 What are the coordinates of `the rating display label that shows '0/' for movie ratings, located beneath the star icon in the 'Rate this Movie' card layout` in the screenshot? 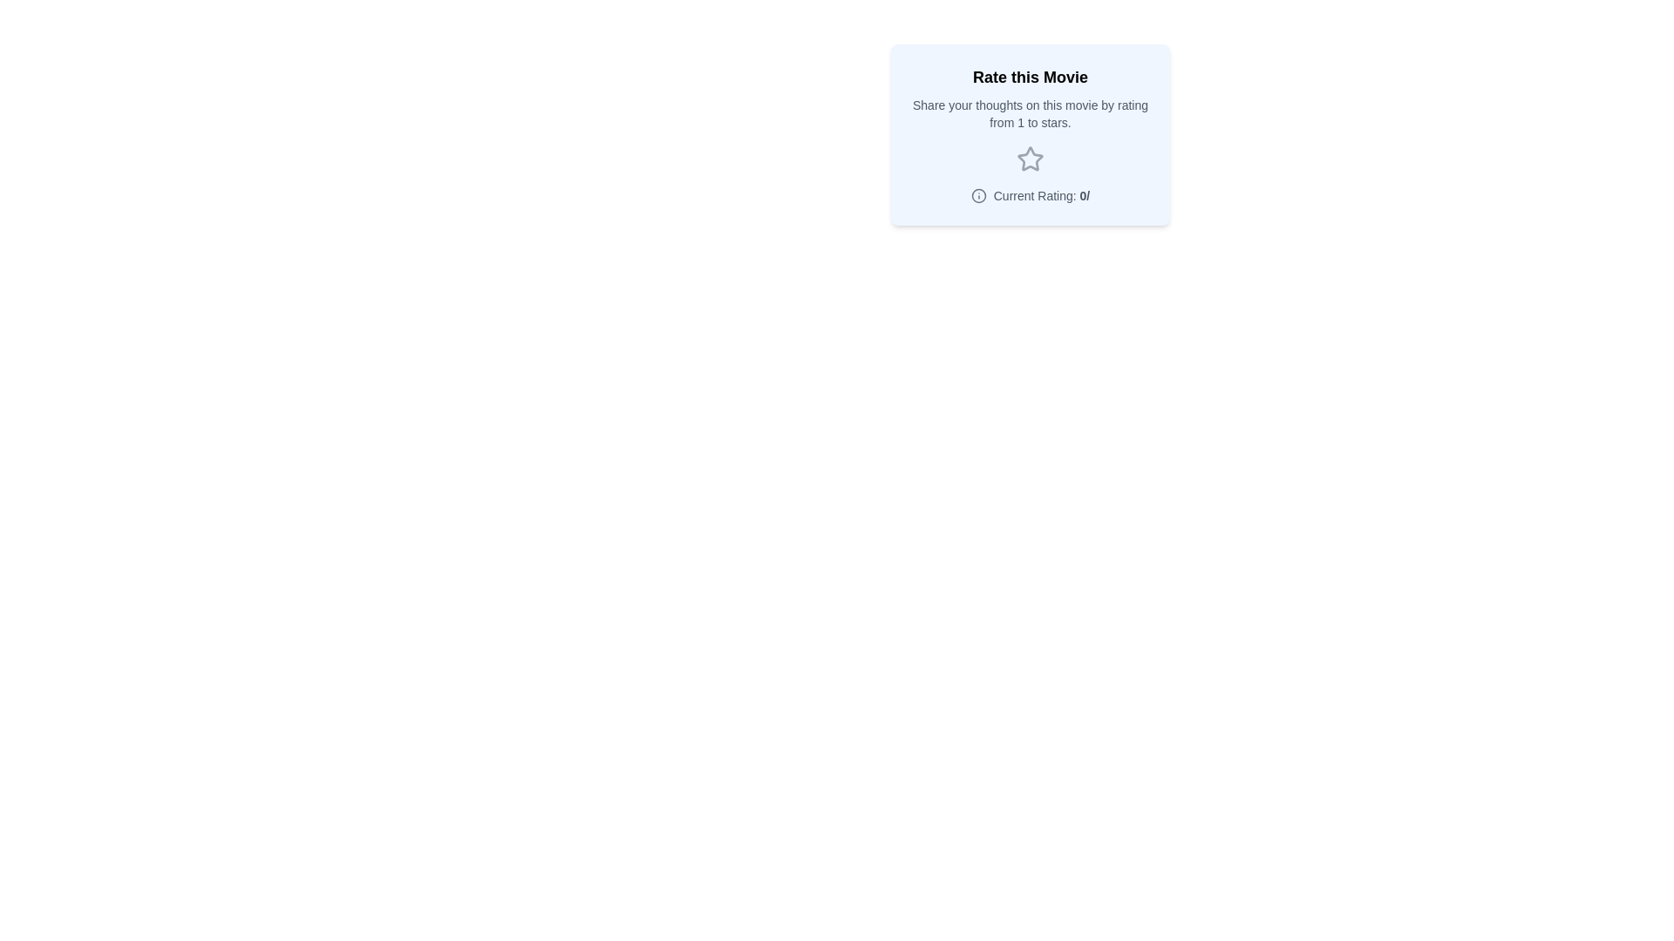 It's located at (1030, 195).